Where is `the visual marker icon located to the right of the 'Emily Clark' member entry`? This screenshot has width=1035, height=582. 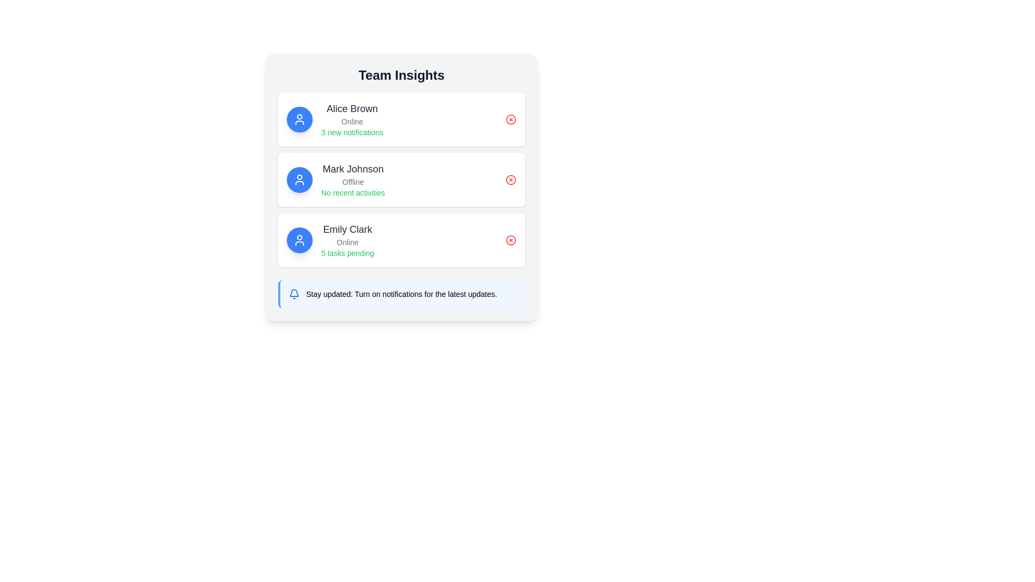
the visual marker icon located to the right of the 'Emily Clark' member entry is located at coordinates (510, 240).